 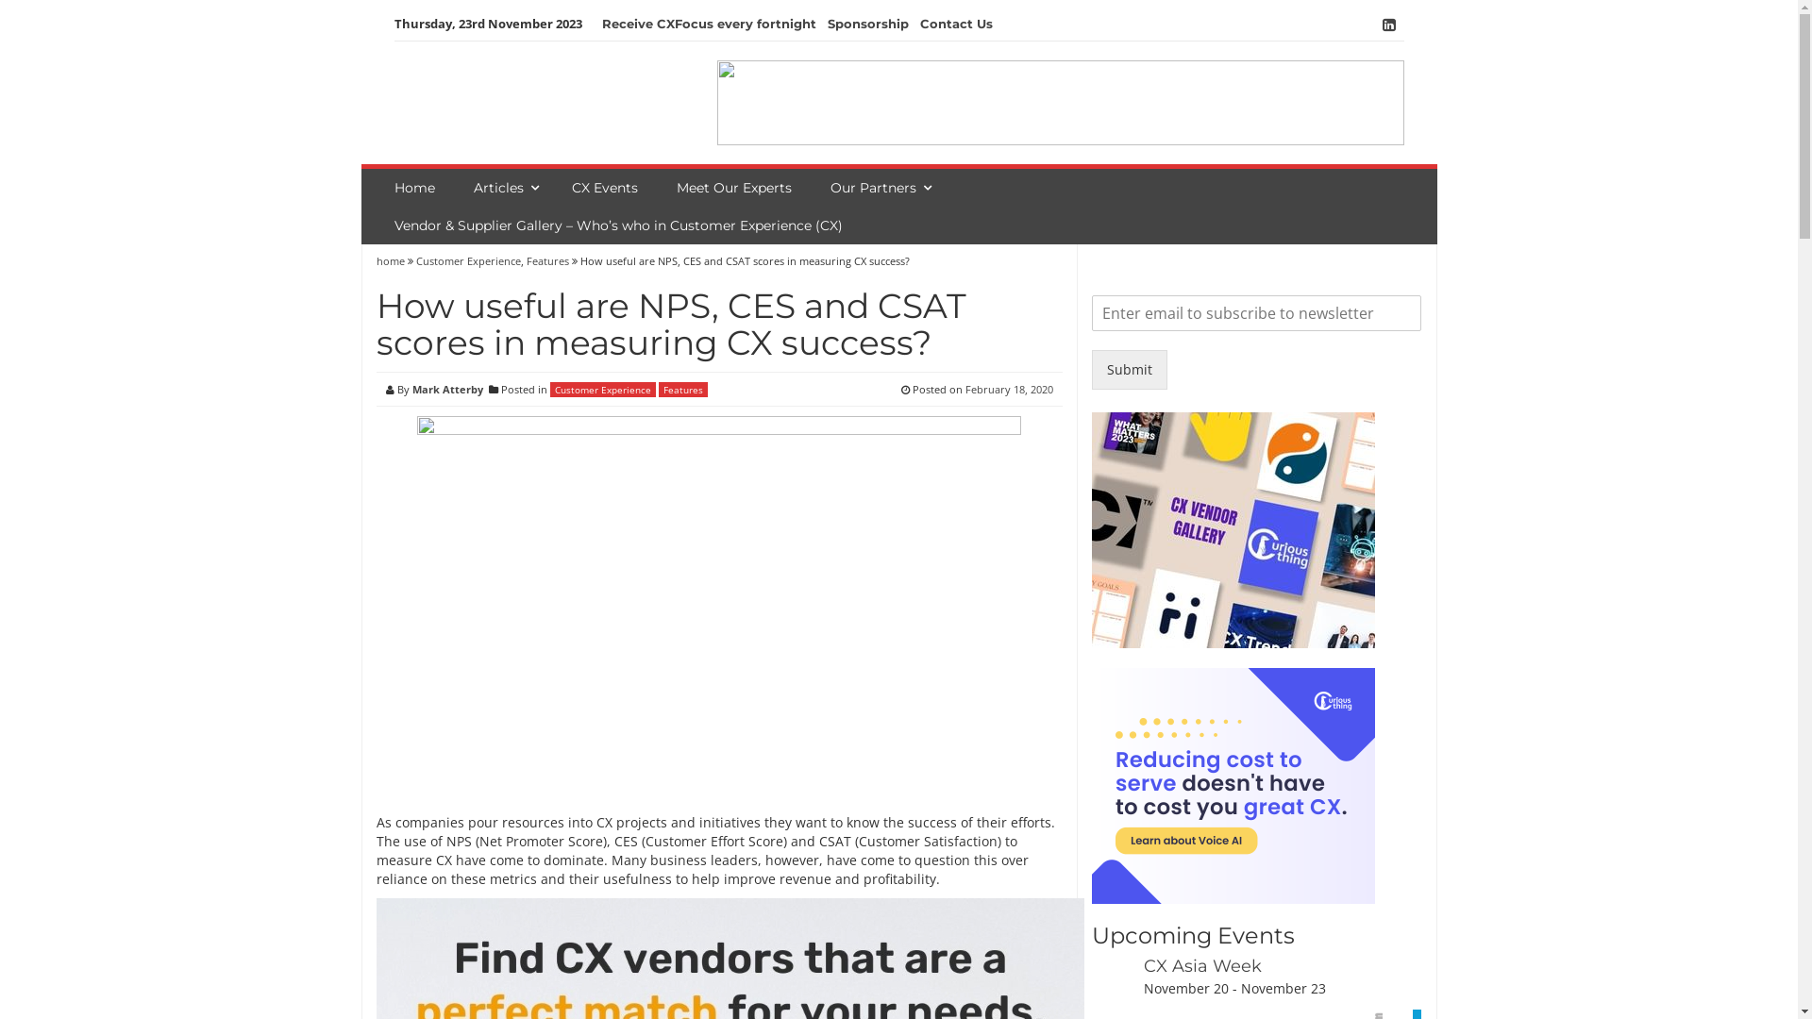 I want to click on 'Contact Us', so click(x=955, y=24).